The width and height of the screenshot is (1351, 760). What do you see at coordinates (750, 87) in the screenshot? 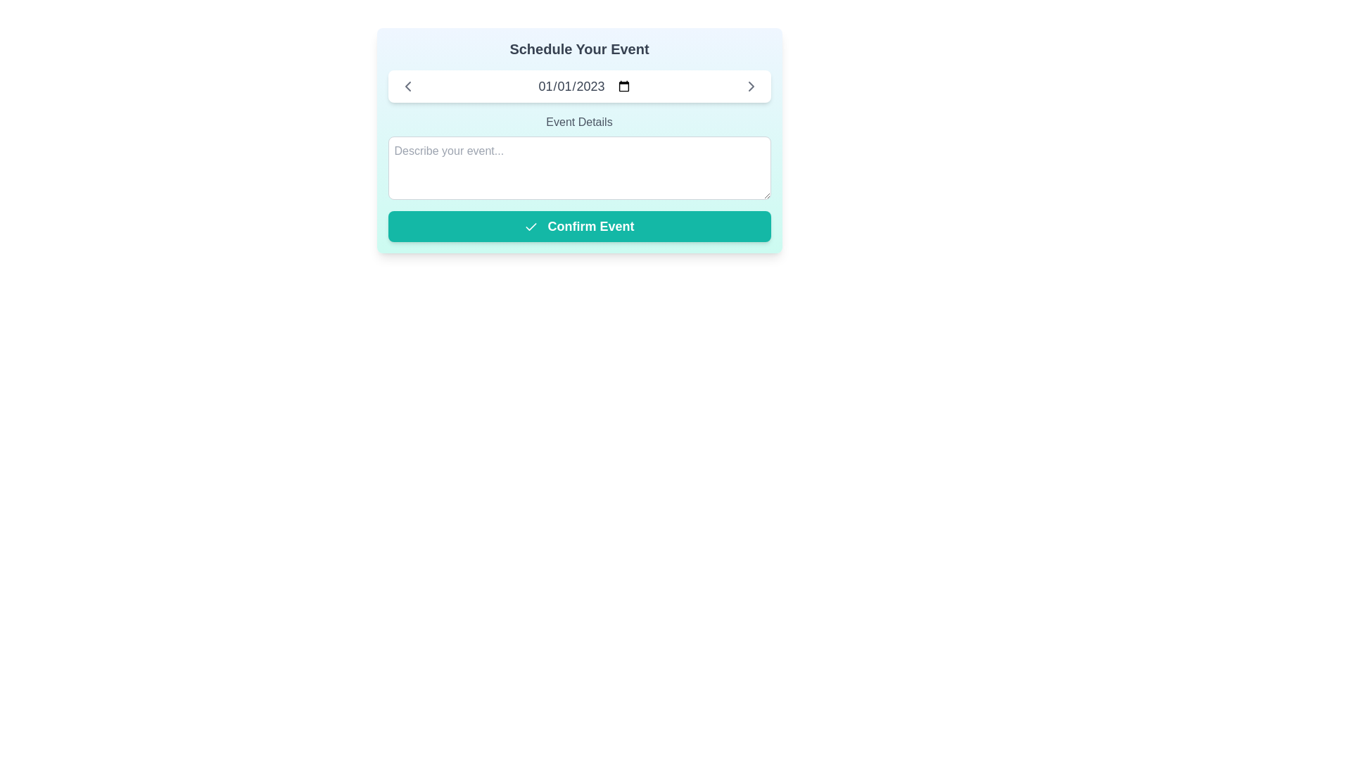
I see `the navigation icon located at the rightmost side of the horizontally arranged block` at bounding box center [750, 87].